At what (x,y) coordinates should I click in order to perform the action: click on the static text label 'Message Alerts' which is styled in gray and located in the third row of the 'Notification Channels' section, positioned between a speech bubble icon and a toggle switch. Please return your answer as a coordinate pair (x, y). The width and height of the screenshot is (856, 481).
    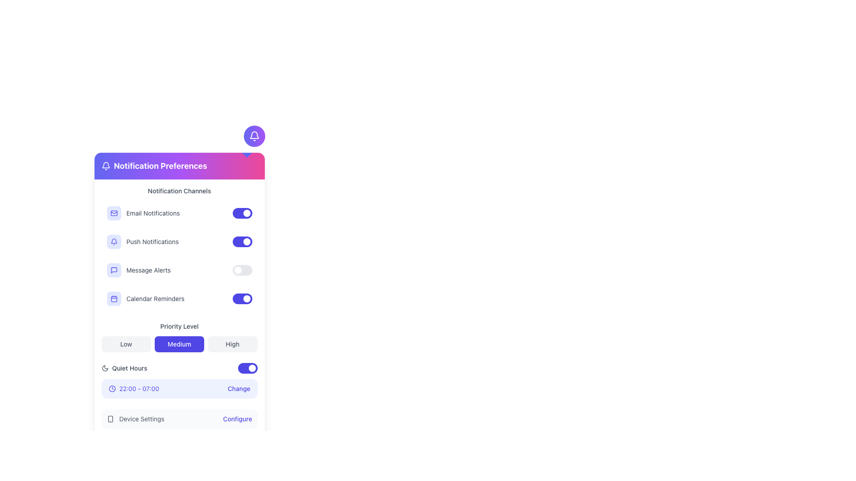
    Looking at the image, I should click on (148, 269).